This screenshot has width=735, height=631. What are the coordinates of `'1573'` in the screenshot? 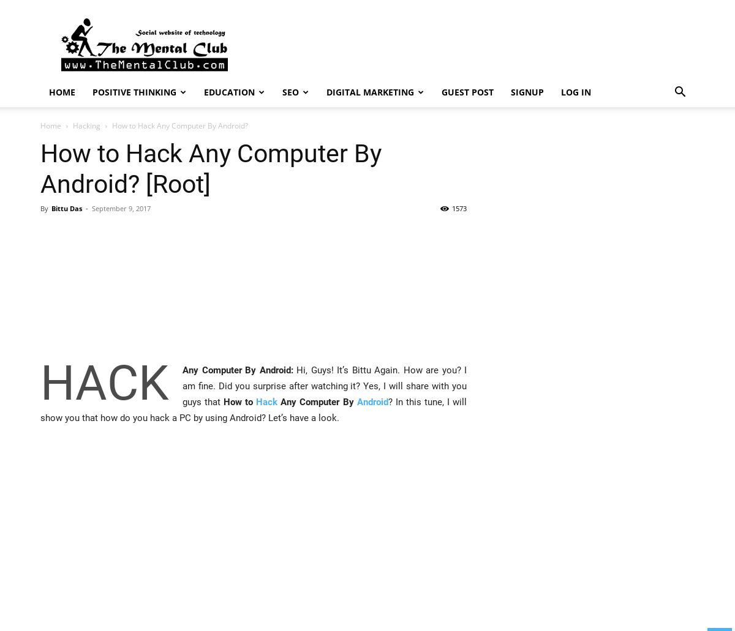 It's located at (459, 207).